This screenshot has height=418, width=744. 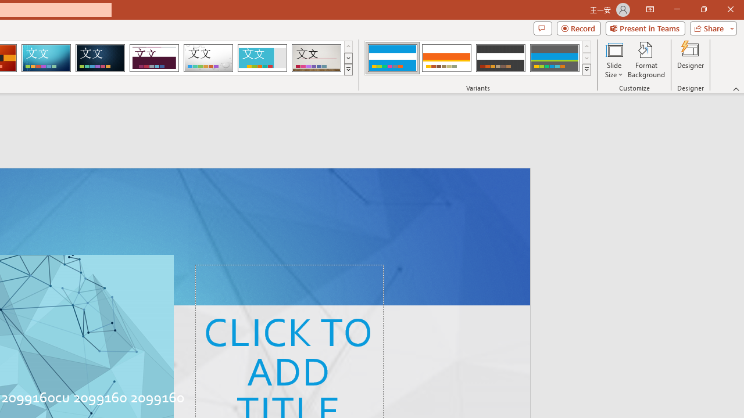 I want to click on 'Circuit', so click(x=46, y=58).